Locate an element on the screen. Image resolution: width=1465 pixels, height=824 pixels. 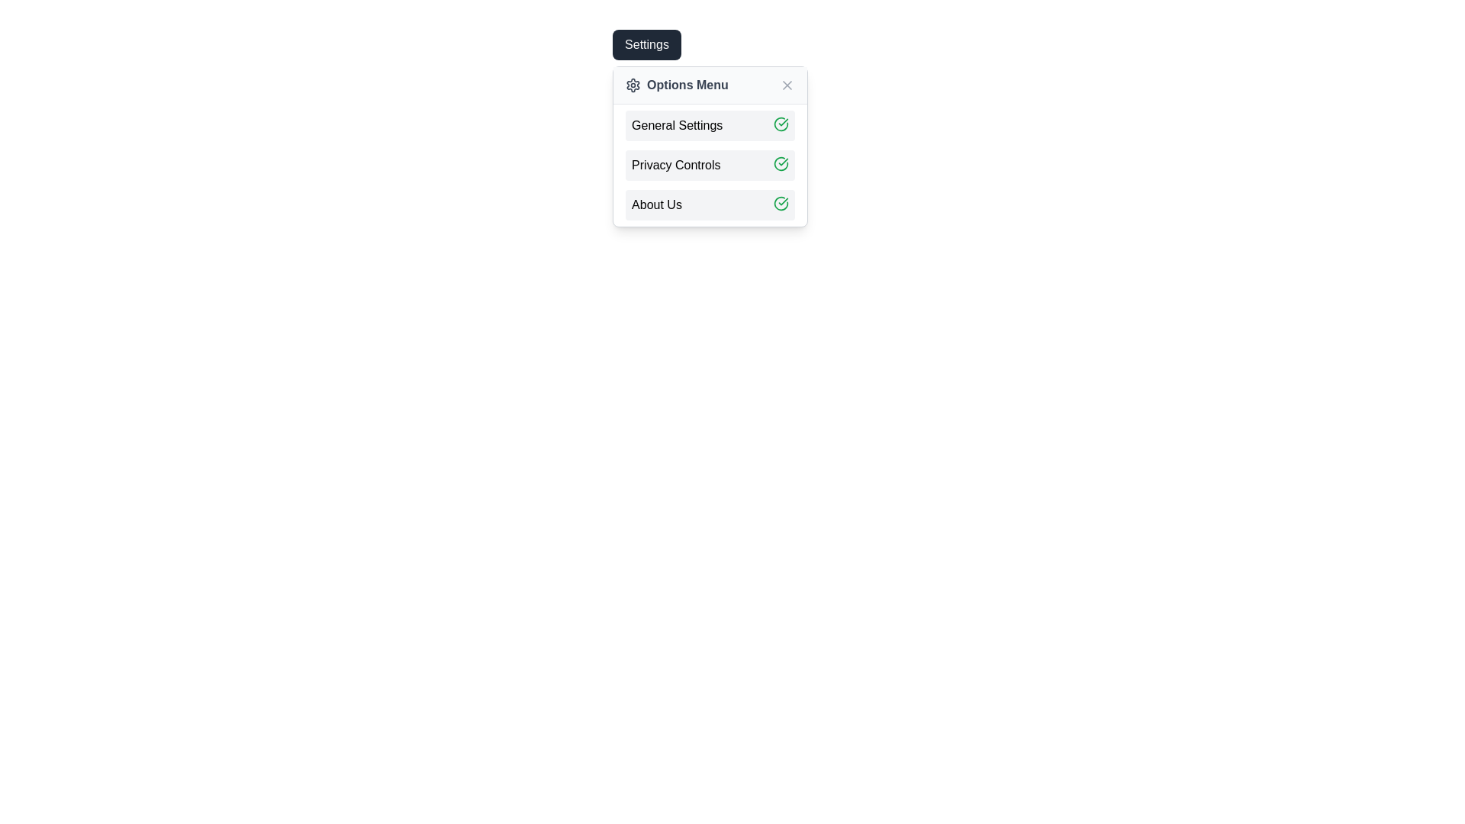
the state of the green circular icon with a checkmark inside, located in the lower-right corner of the 'About Us' section is located at coordinates (781, 202).